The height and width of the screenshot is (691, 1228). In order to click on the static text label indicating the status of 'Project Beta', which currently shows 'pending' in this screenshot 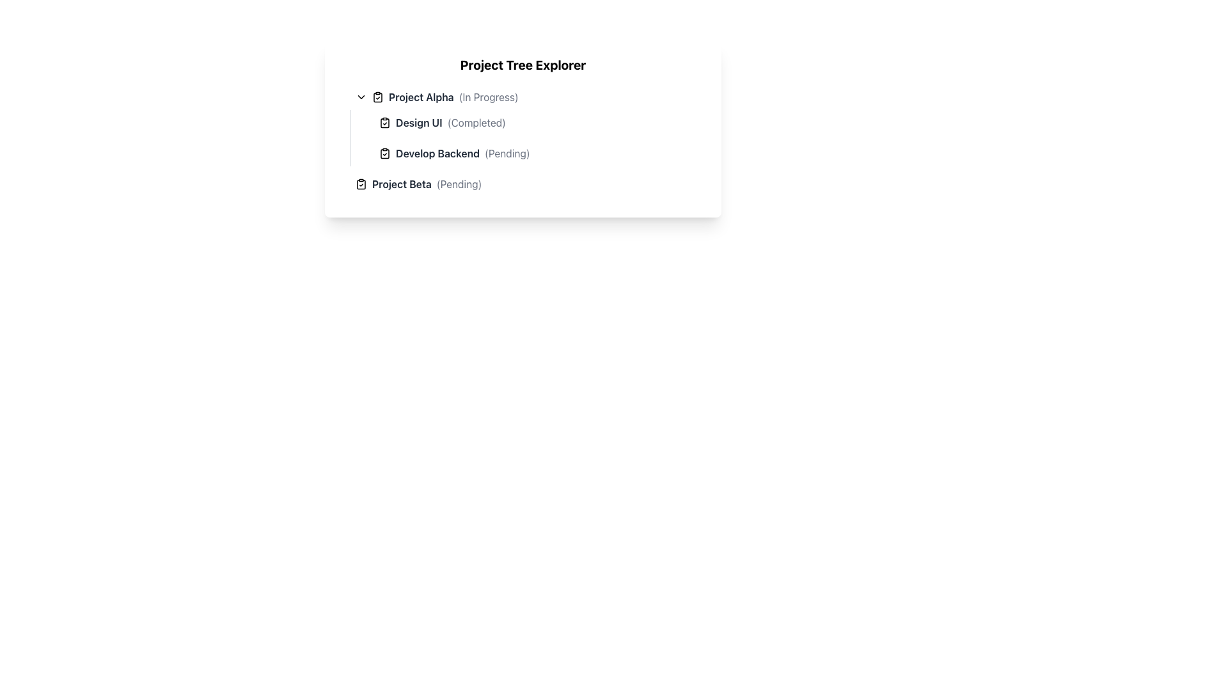, I will do `click(459, 184)`.